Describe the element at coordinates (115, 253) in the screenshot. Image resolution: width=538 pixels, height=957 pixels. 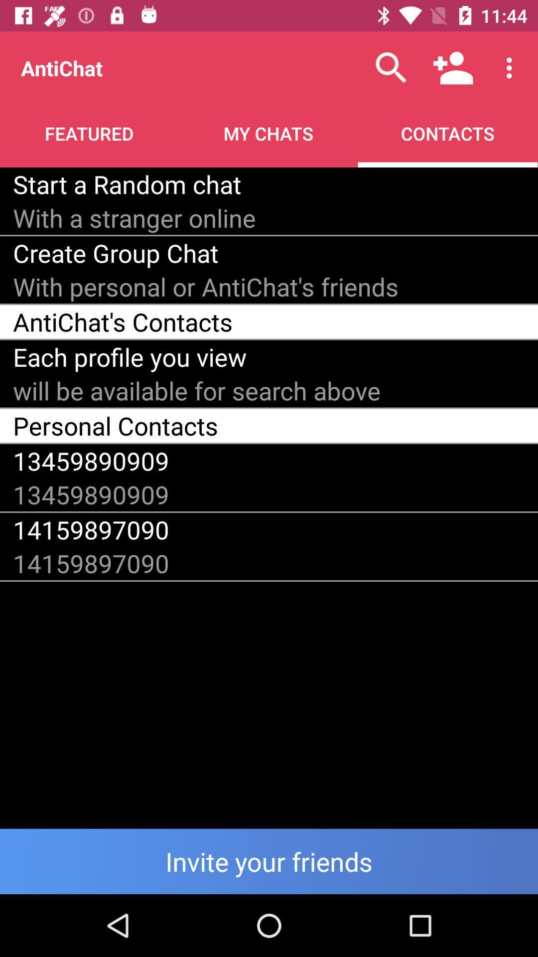
I see `the item below the with a stranger icon` at that location.